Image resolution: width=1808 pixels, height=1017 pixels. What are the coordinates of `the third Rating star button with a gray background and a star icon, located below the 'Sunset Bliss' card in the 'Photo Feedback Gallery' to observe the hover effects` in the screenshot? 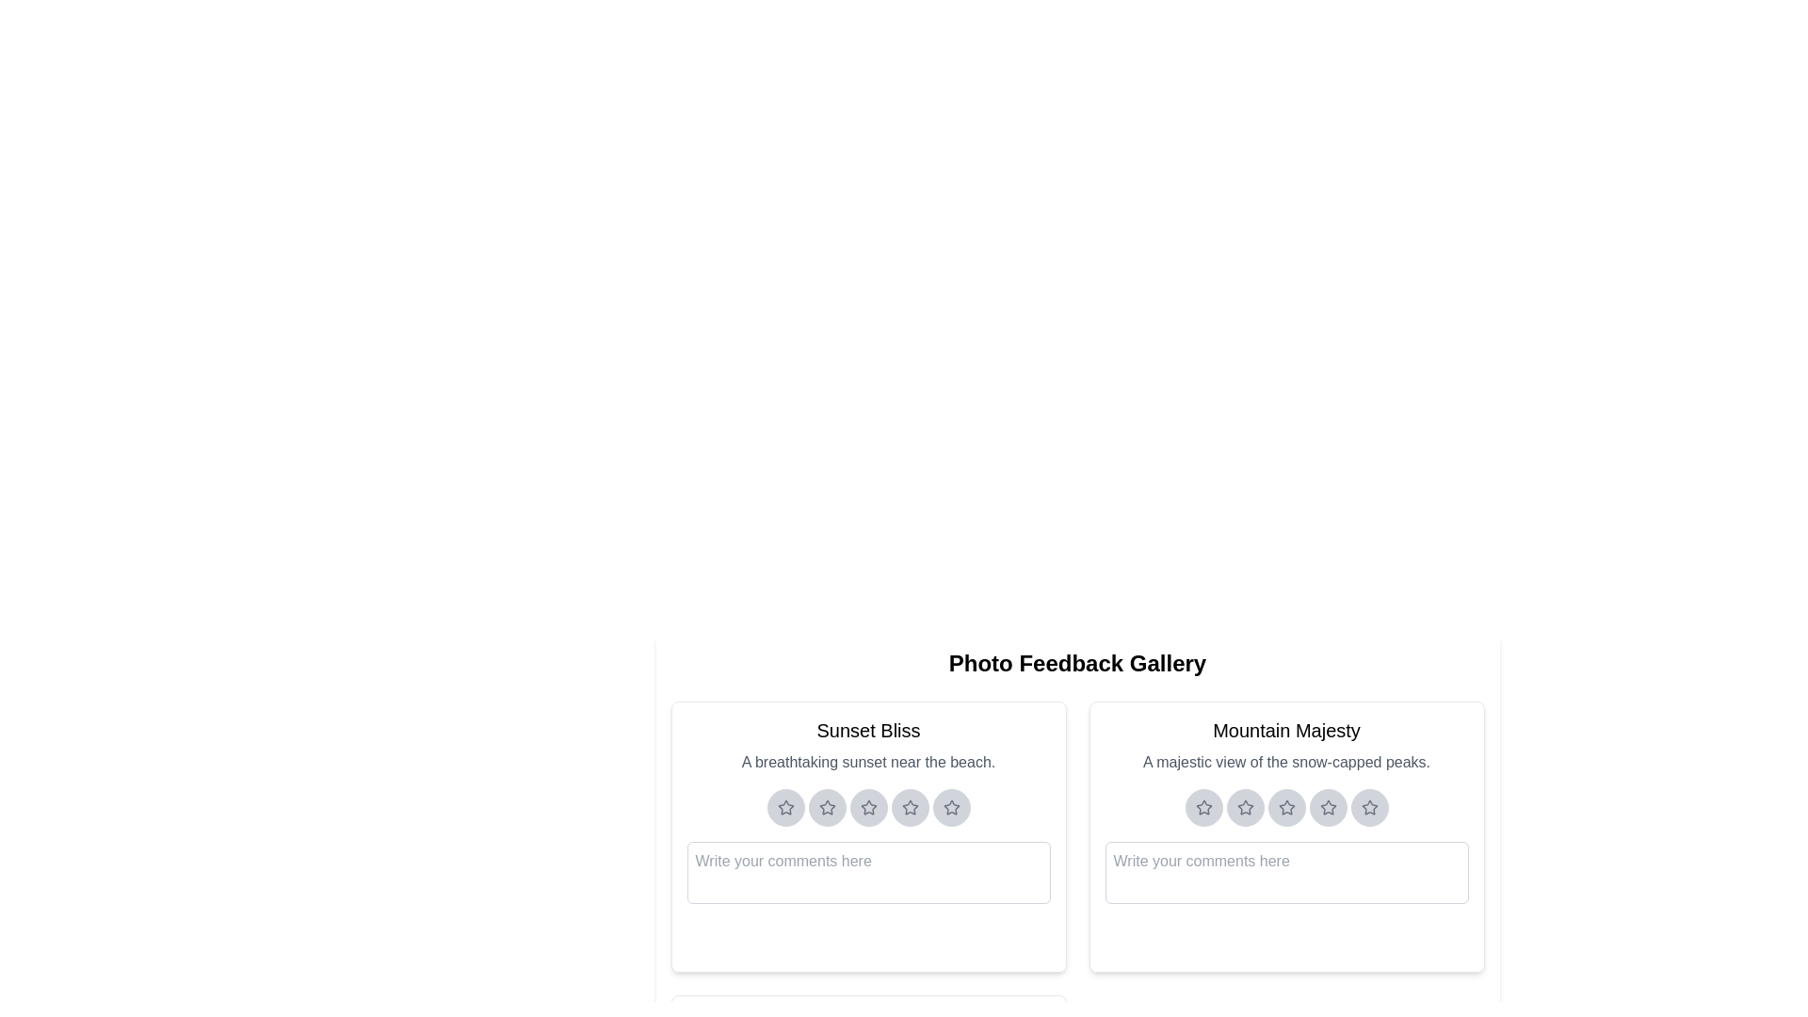 It's located at (867, 806).